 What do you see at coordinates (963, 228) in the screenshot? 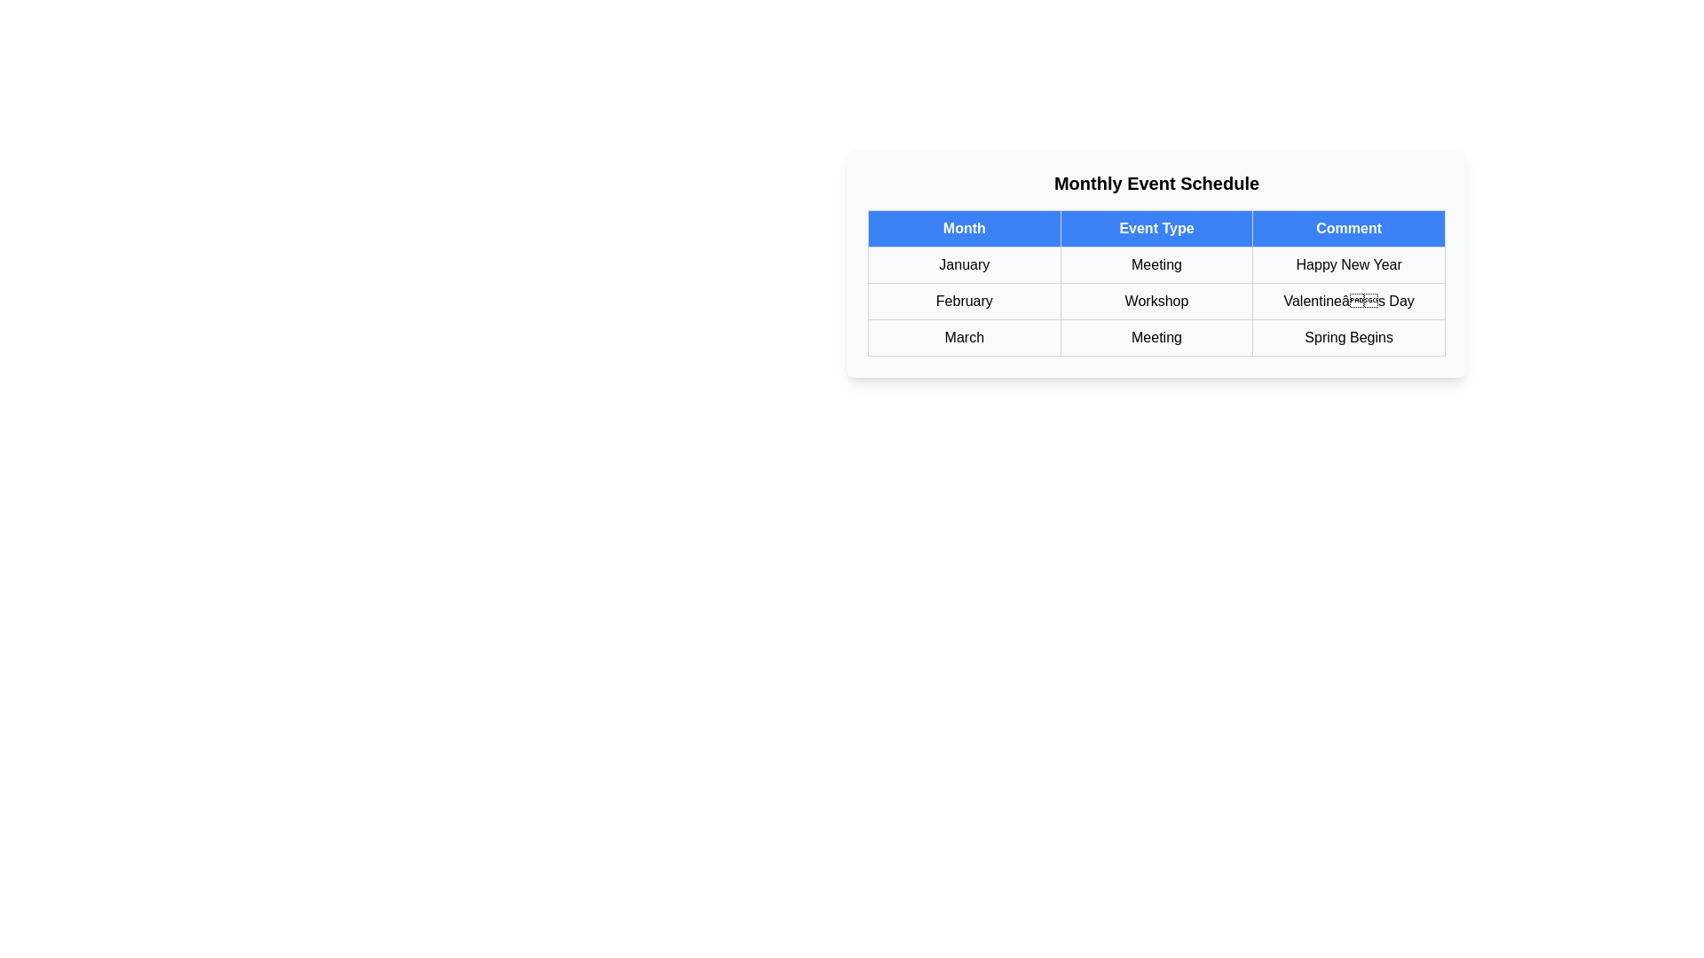
I see `the table header column Month to sort the table by that column` at bounding box center [963, 228].